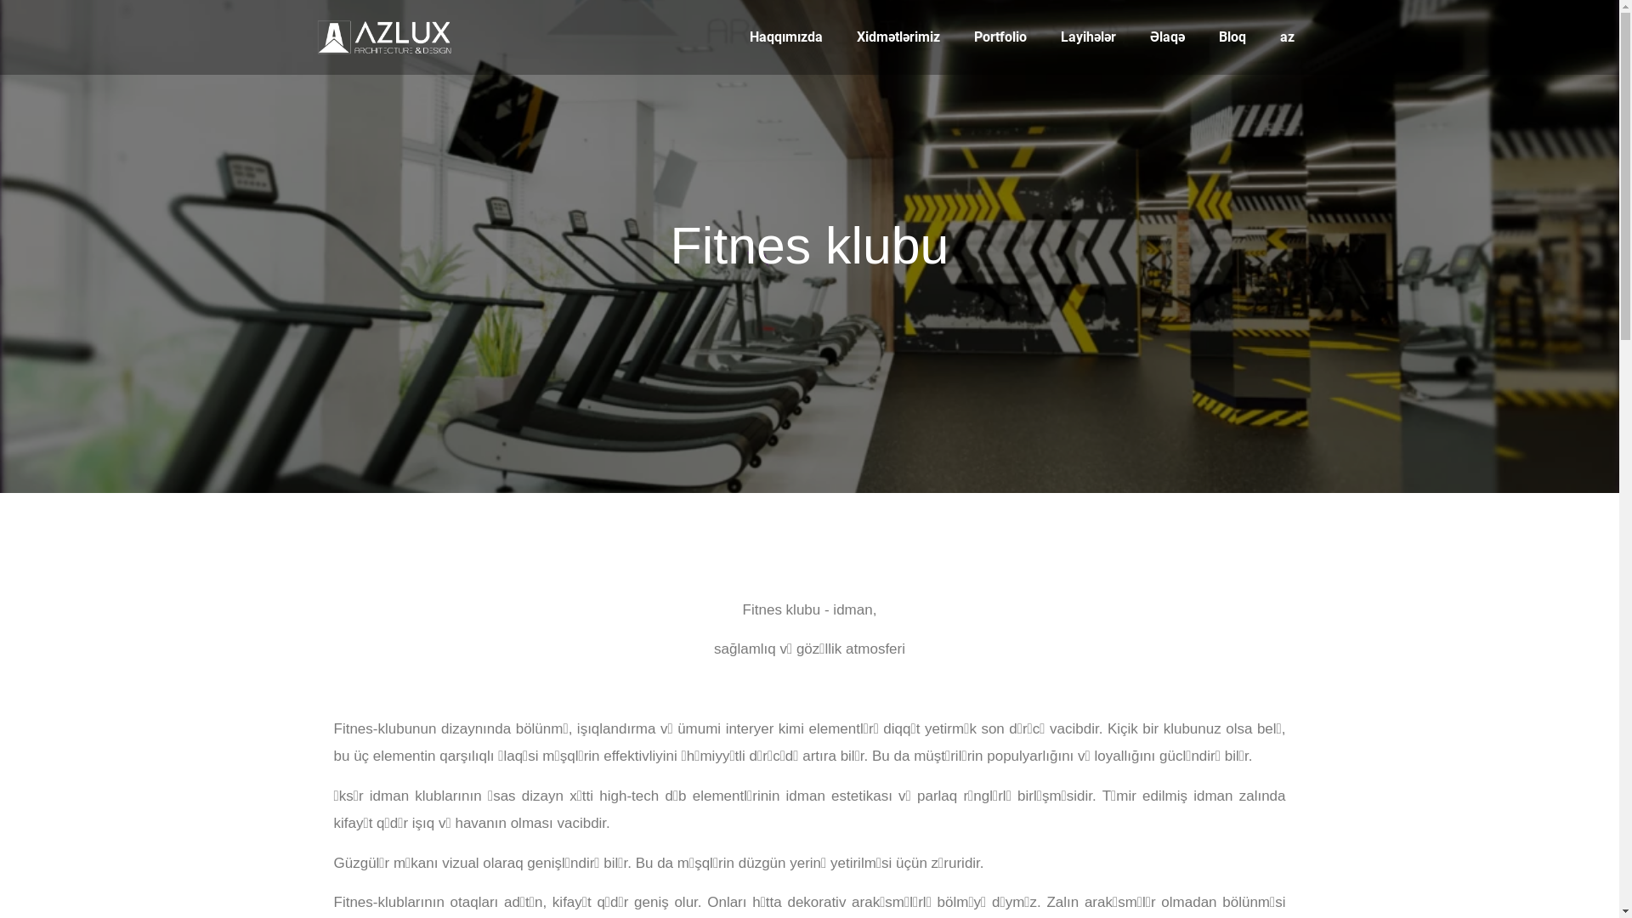  I want to click on 'Bloq', so click(1232, 37).